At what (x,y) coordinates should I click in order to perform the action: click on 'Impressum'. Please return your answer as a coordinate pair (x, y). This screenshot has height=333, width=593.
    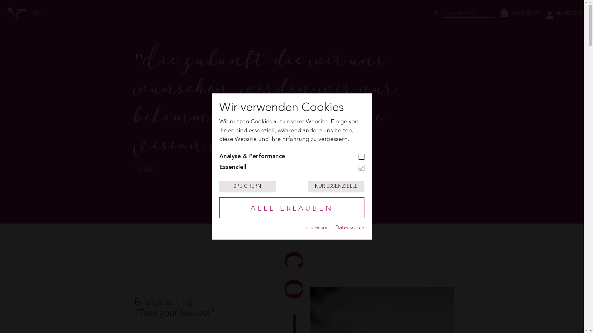
    Looking at the image, I should click on (304, 228).